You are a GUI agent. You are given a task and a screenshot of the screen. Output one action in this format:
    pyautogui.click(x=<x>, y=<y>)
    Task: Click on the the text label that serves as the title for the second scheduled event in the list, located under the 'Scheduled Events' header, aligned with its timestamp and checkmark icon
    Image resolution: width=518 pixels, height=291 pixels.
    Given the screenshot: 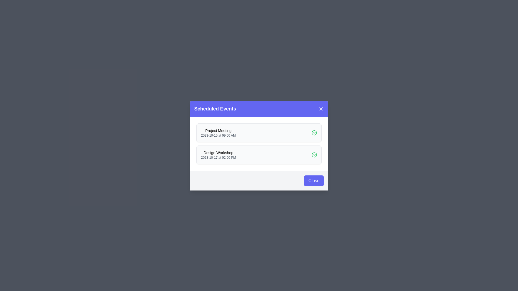 What is the action you would take?
    pyautogui.click(x=218, y=153)
    